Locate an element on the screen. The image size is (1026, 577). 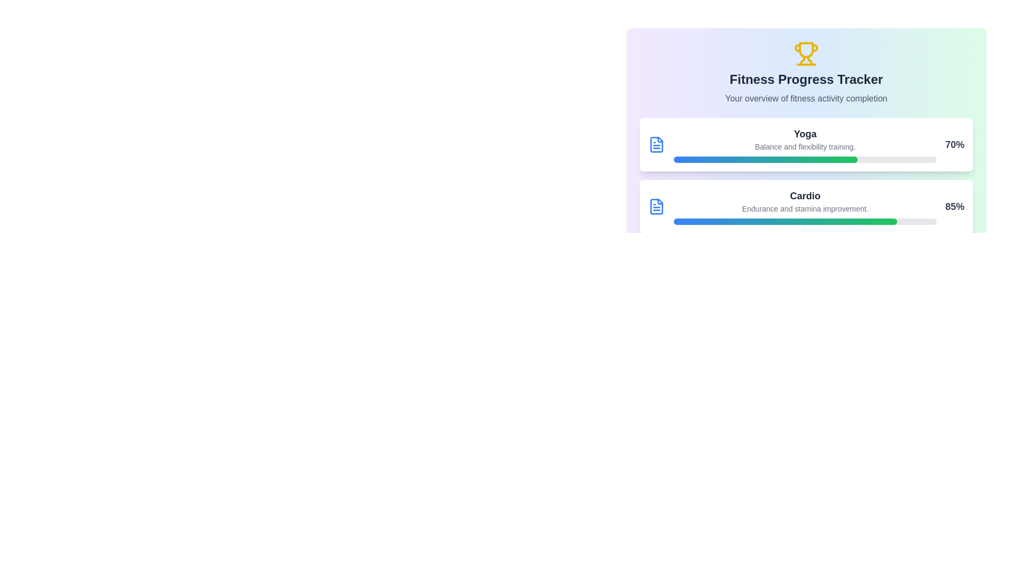
the text element displaying 'Your overview of fitness activity completion', which is styled in gray and located under the heading 'Fitness Progress Tracker' is located at coordinates (806, 99).